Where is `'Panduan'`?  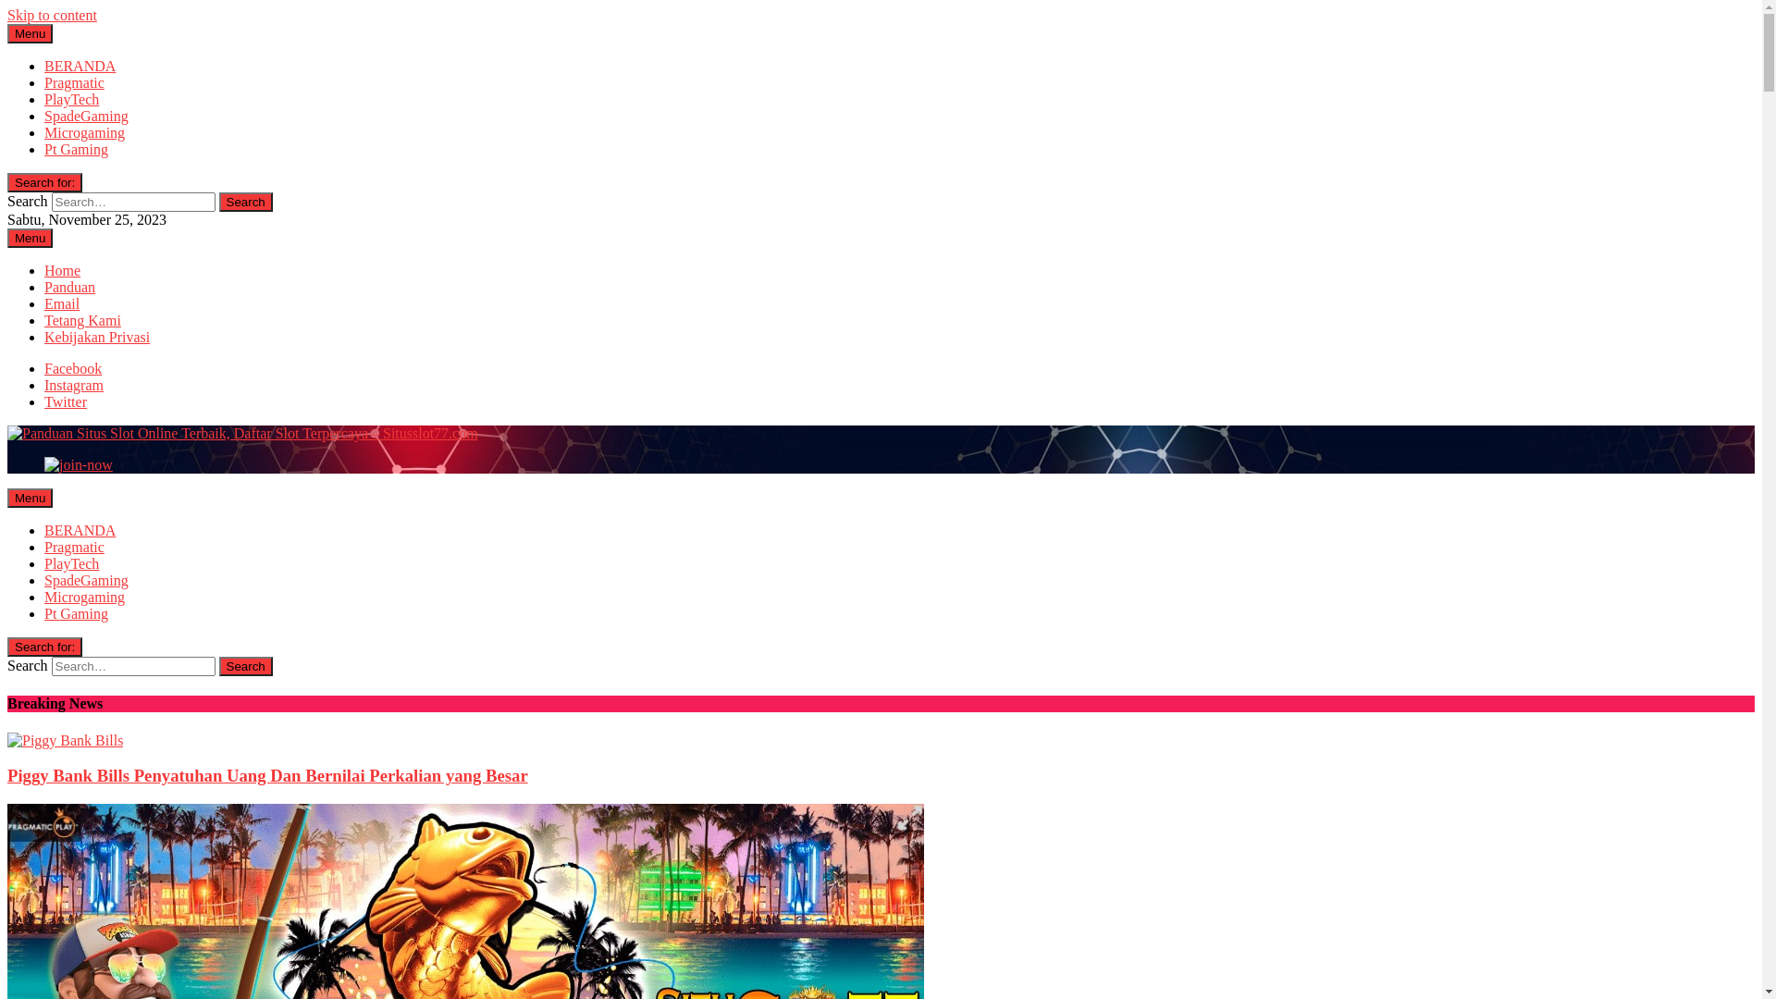
'Panduan' is located at coordinates (69, 287).